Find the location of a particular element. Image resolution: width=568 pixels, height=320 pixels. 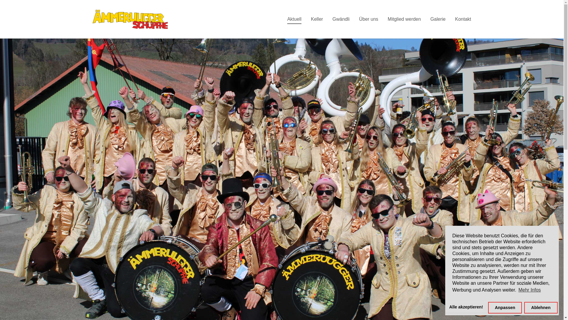

'Aktuell is located at coordinates (294, 19).